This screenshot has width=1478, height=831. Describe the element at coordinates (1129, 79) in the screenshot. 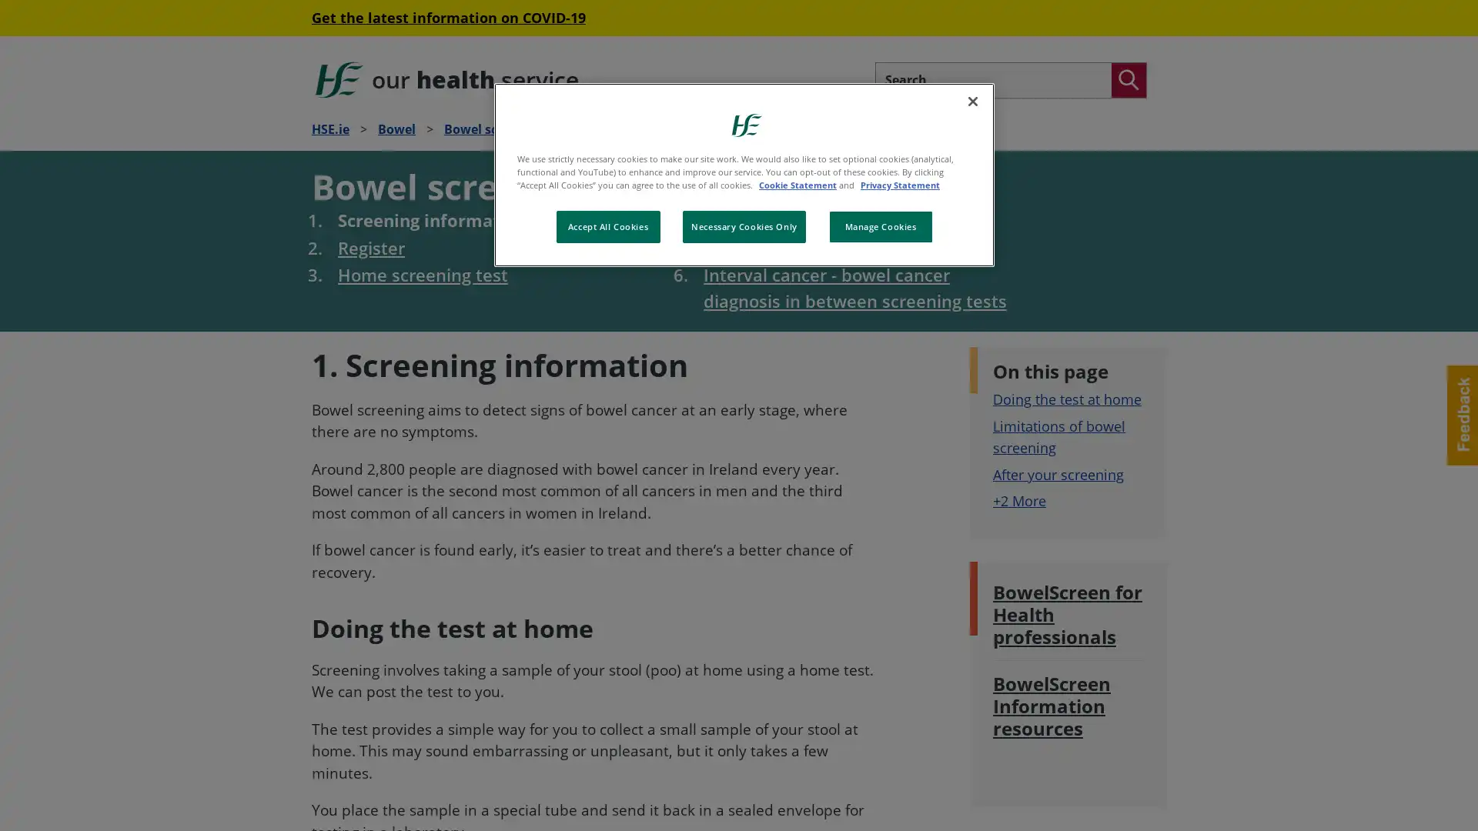

I see `Search` at that location.